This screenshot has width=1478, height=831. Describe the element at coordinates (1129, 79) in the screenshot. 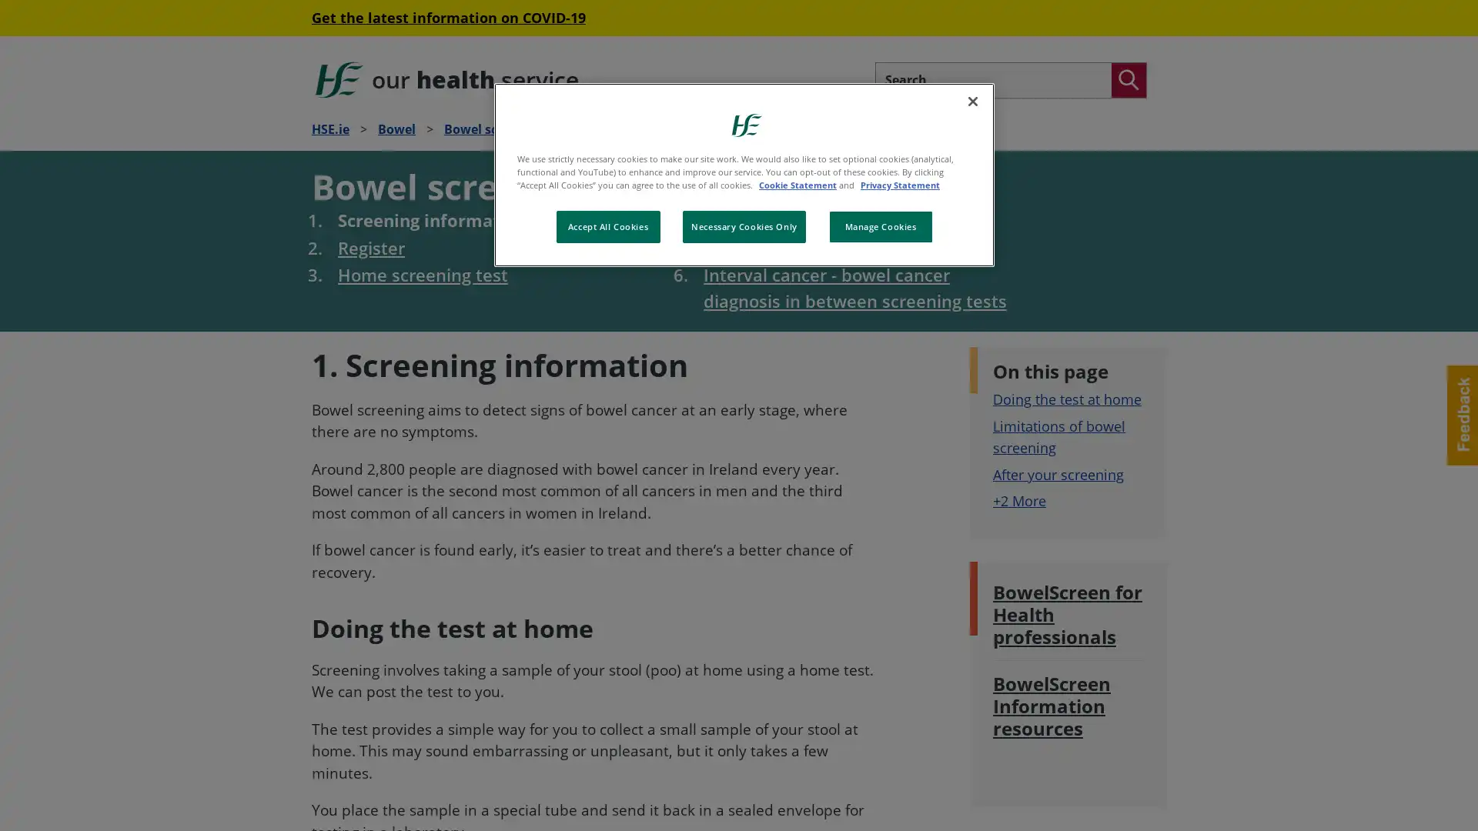

I see `Search` at that location.